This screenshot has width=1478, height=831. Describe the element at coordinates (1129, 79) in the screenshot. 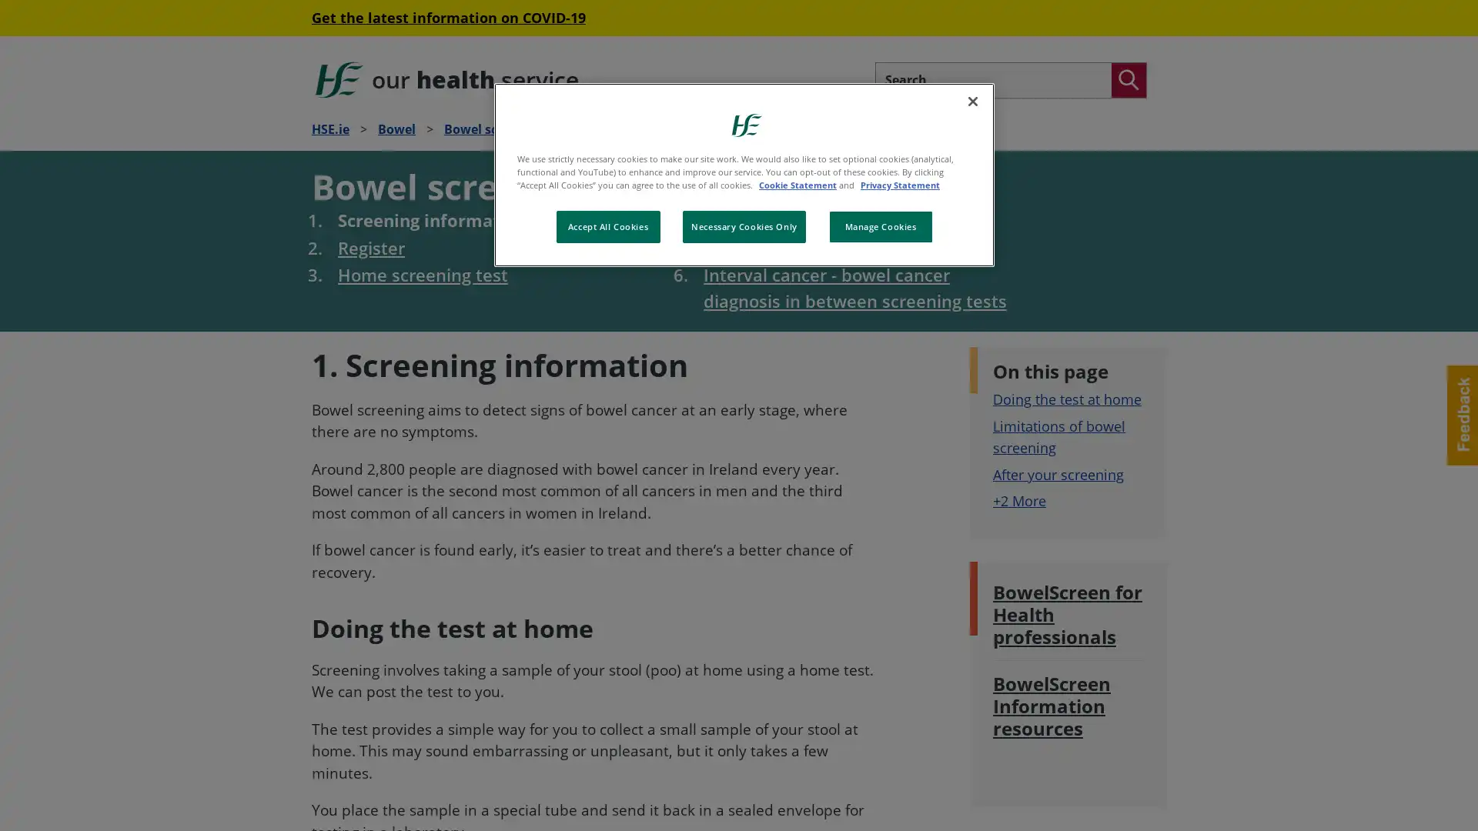

I see `Search` at that location.